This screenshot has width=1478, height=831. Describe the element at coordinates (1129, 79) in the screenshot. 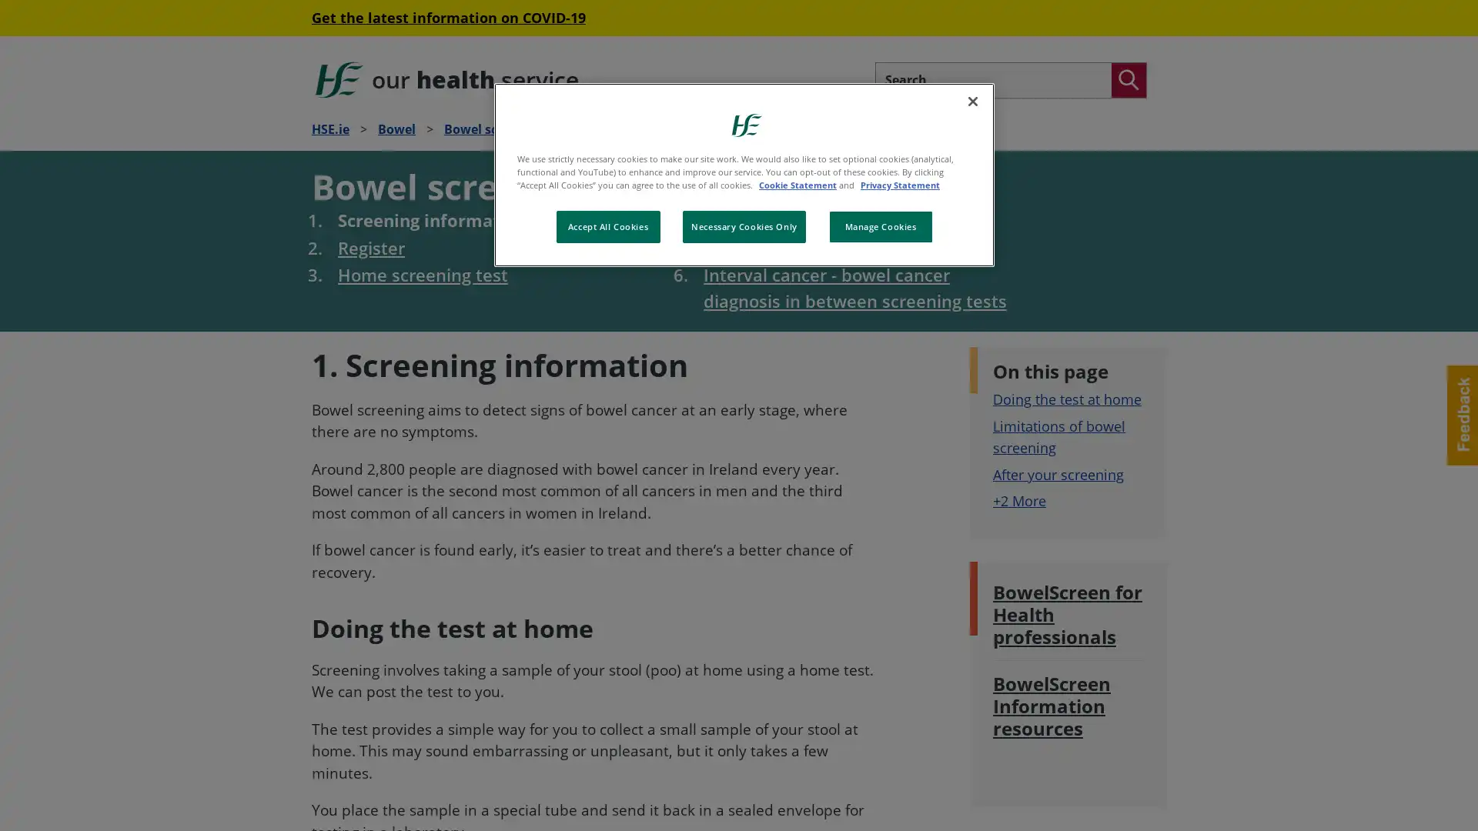

I see `Search` at that location.